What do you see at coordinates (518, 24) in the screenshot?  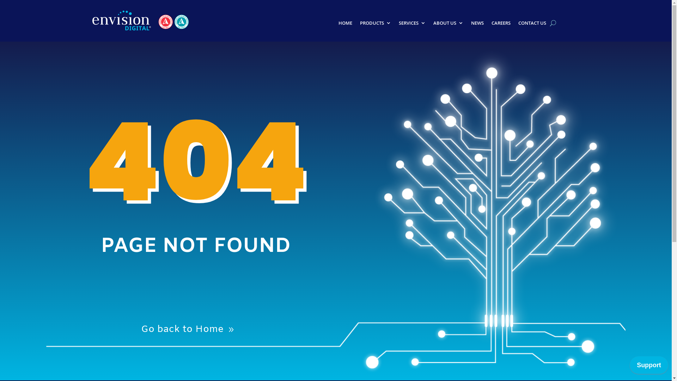 I see `'CONTACT US'` at bounding box center [518, 24].